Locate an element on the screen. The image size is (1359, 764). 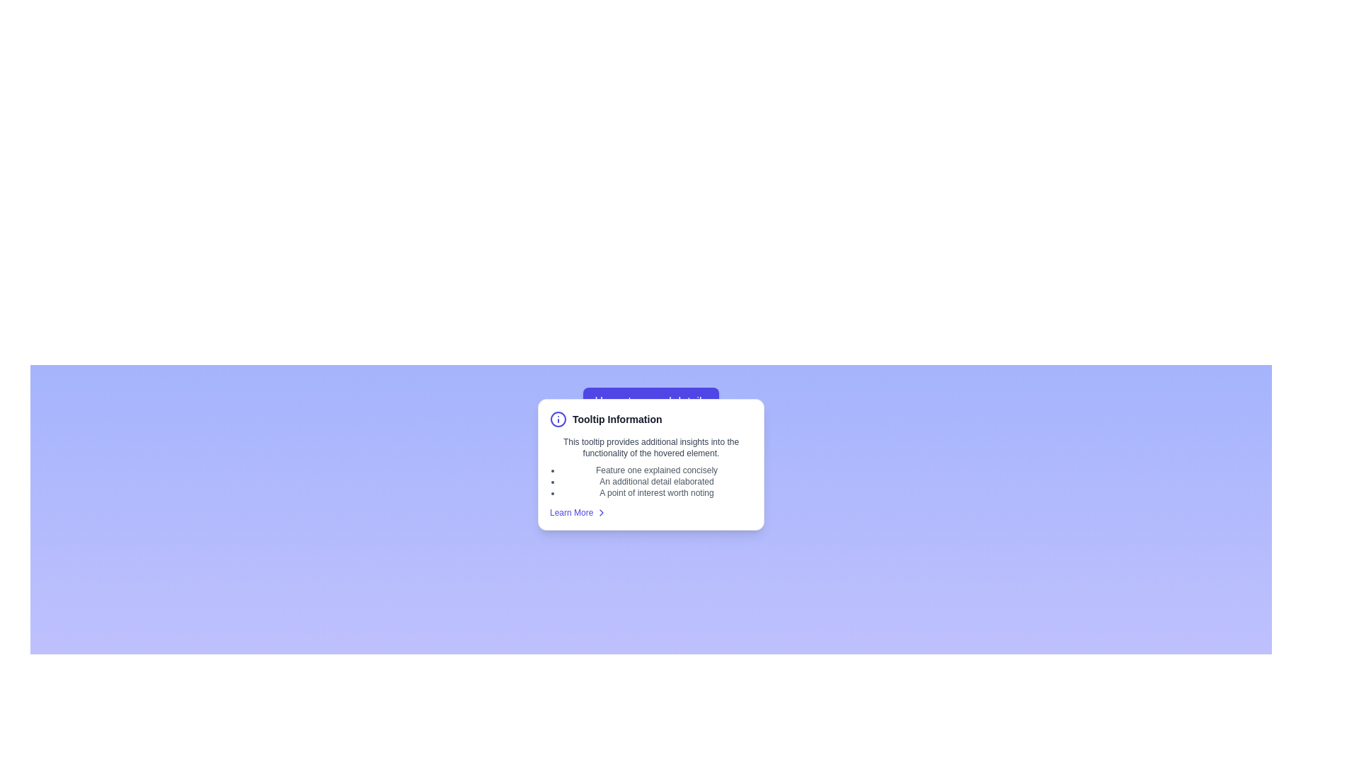
the interactive icon located immediately to the right of the 'Learn More' text link, which serves as a visual indicator for additional information is located at coordinates (602, 513).